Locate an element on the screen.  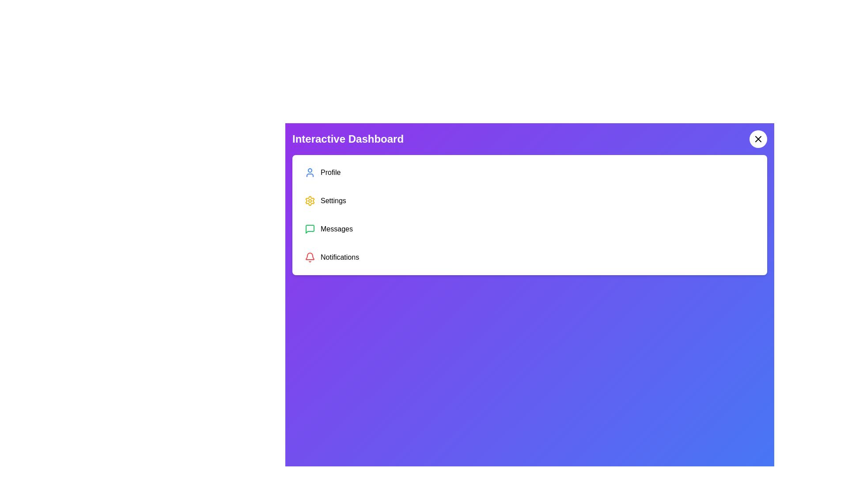
the notification bell icon located in the notification row next to the text 'Notifications' is located at coordinates (310, 256).